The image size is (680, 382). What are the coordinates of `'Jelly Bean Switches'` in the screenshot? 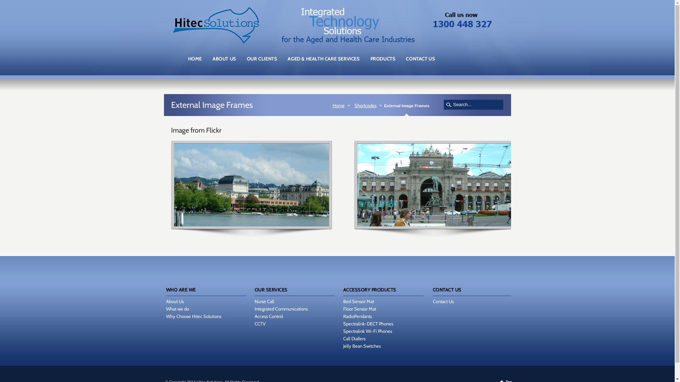 It's located at (362, 346).